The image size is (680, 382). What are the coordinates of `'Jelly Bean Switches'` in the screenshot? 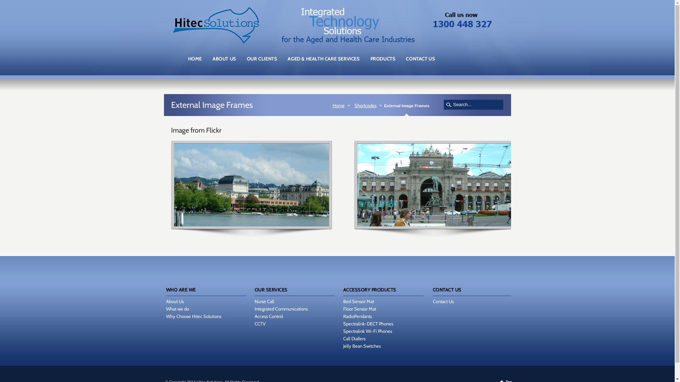 It's located at (362, 346).